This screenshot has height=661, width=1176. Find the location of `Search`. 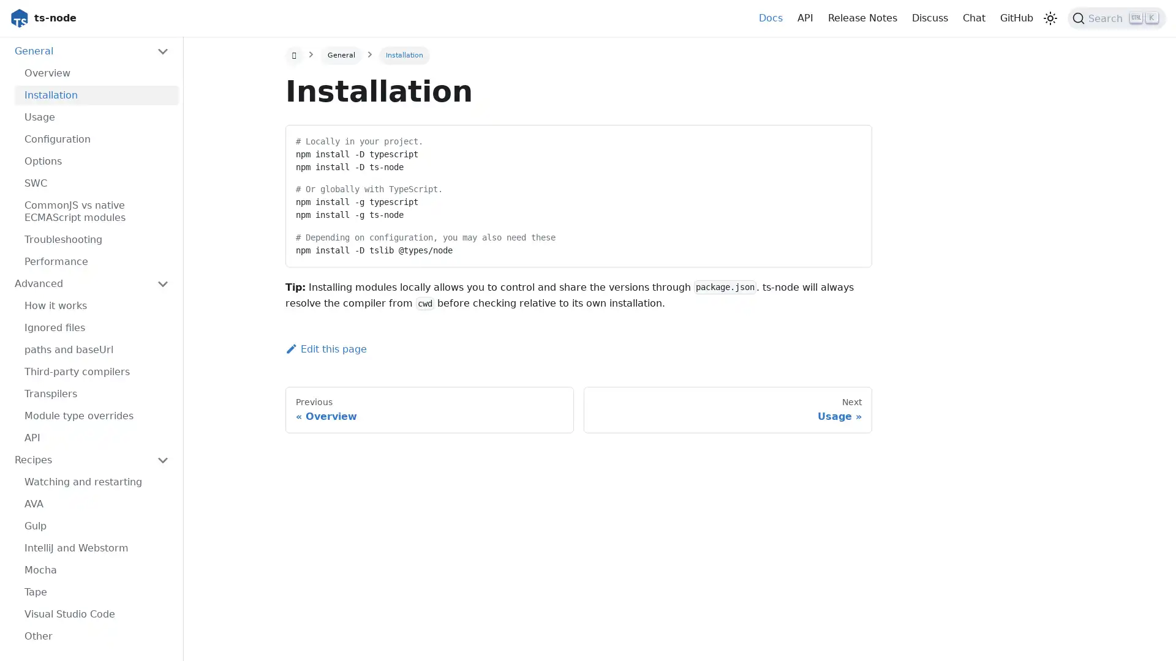

Search is located at coordinates (1117, 18).